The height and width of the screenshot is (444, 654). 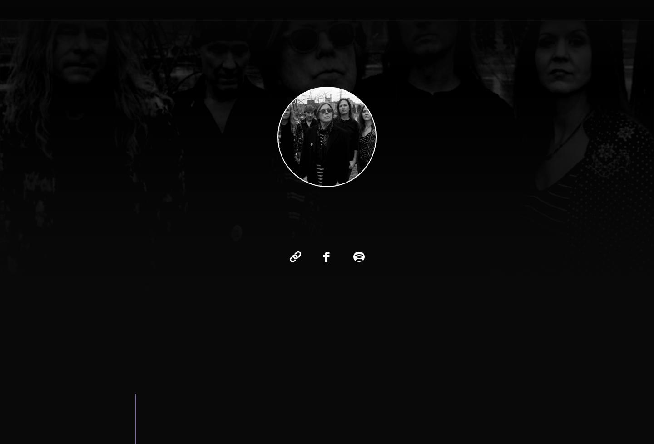 I want to click on '2015', so click(x=273, y=245).